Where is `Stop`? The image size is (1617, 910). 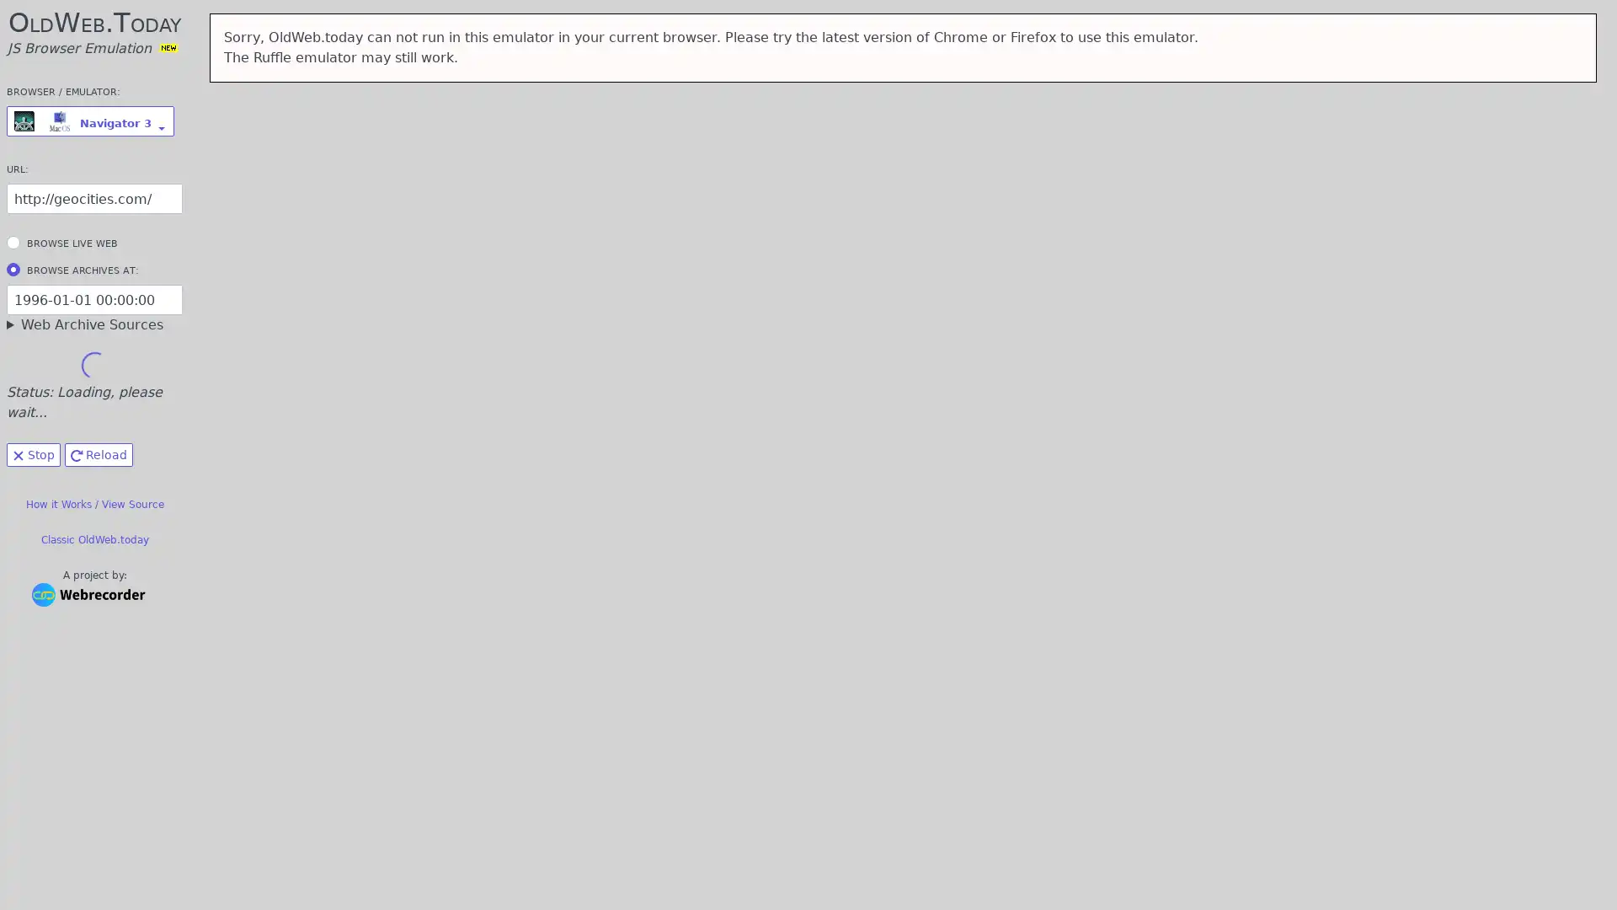 Stop is located at coordinates (33, 455).